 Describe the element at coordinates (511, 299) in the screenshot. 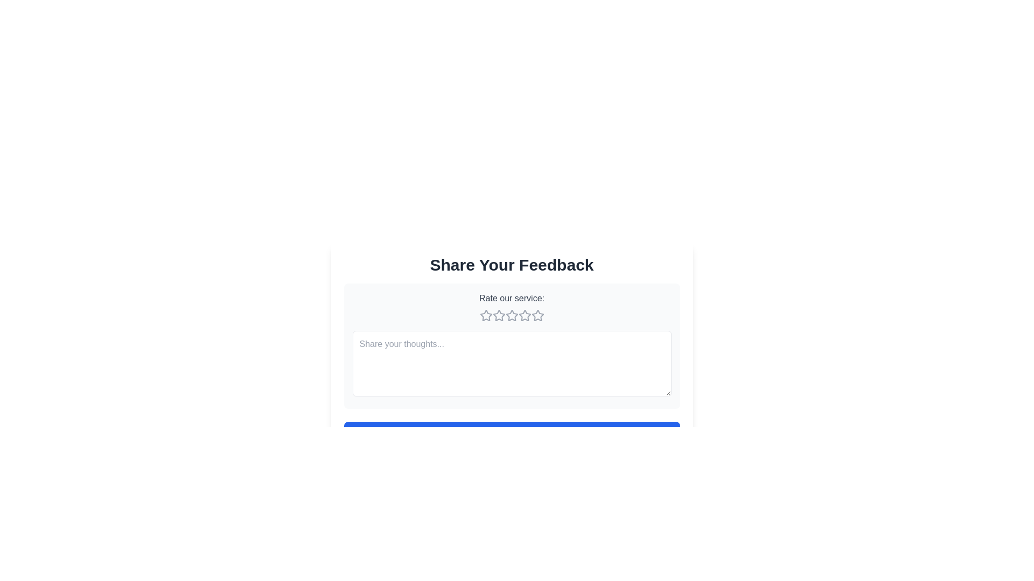

I see `the text label reading 'Rate our service:' which is styled in gray and located above the star rating icons inside a white rounded box` at that location.